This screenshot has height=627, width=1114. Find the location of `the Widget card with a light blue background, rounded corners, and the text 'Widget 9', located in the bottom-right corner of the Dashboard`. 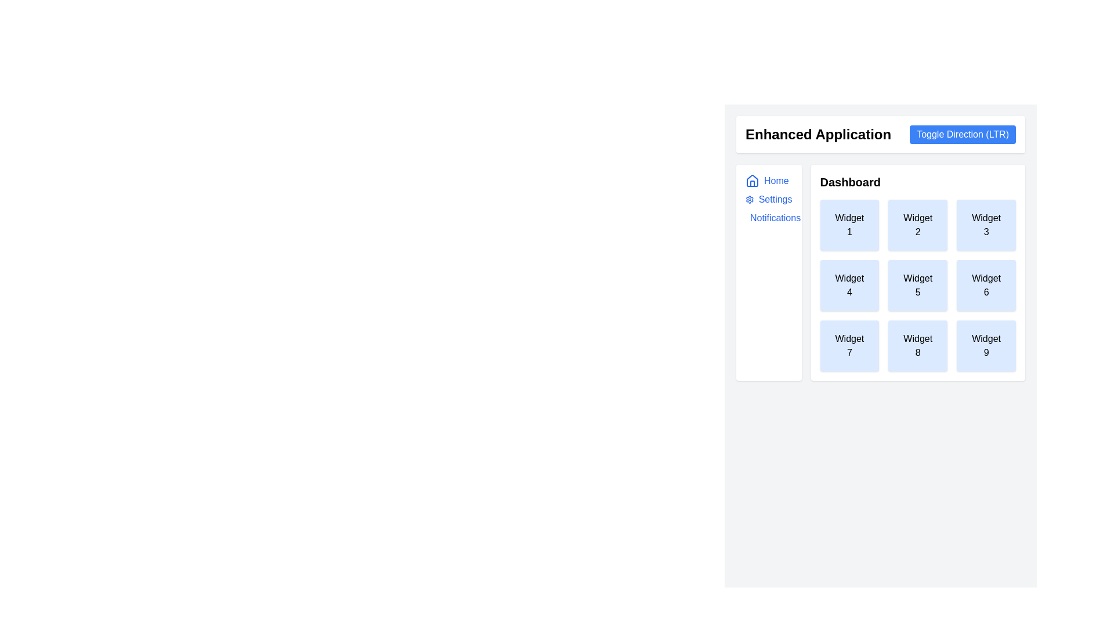

the Widget card with a light blue background, rounded corners, and the text 'Widget 9', located in the bottom-right corner of the Dashboard is located at coordinates (986, 345).